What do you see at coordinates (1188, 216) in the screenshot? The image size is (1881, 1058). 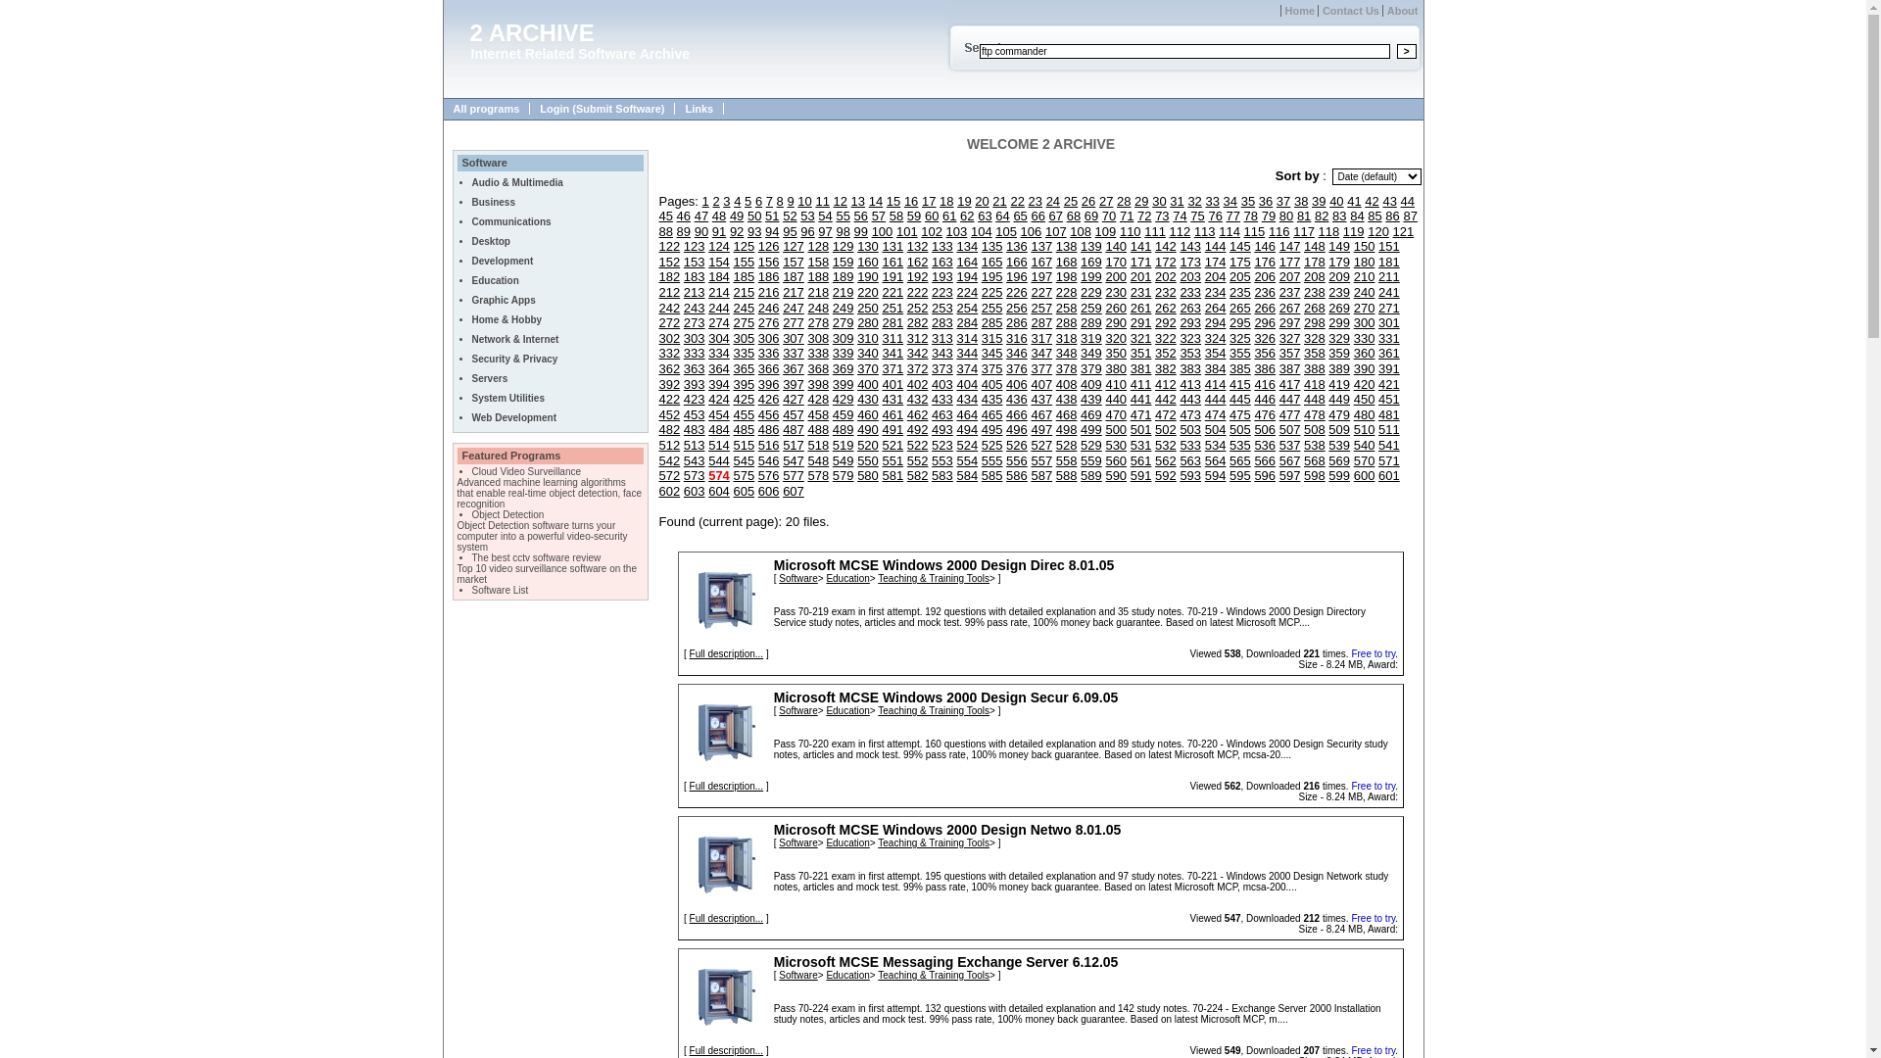 I see `'75'` at bounding box center [1188, 216].